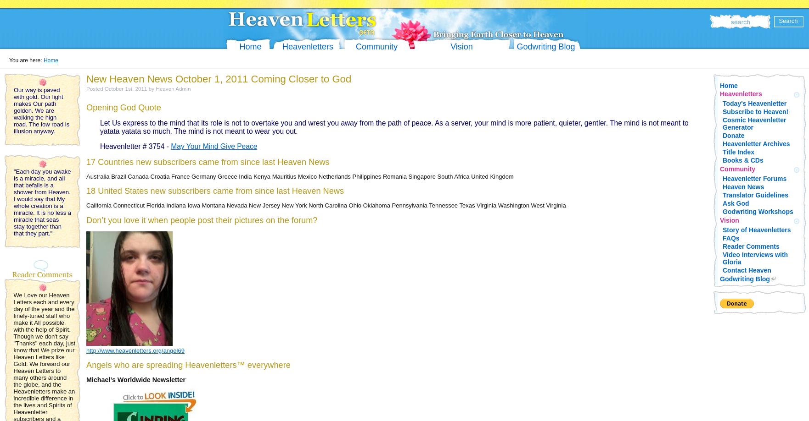 The width and height of the screenshot is (809, 421). I want to click on 'Community', so click(737, 169).